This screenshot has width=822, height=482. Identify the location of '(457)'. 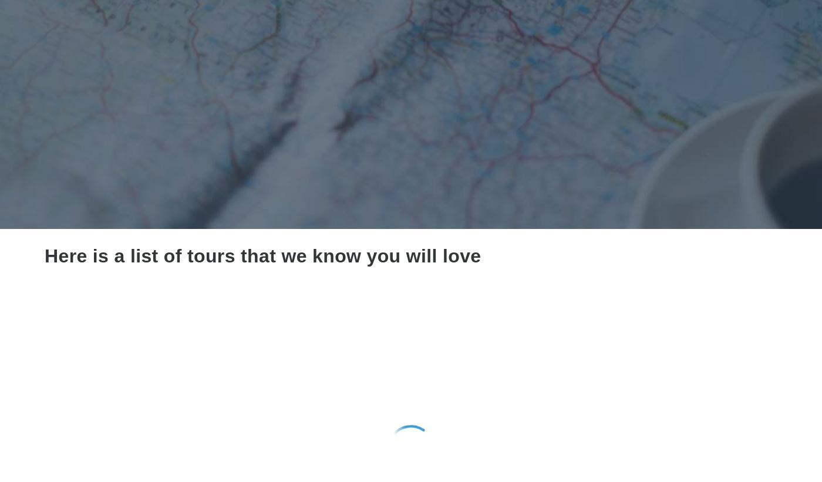
(483, 436).